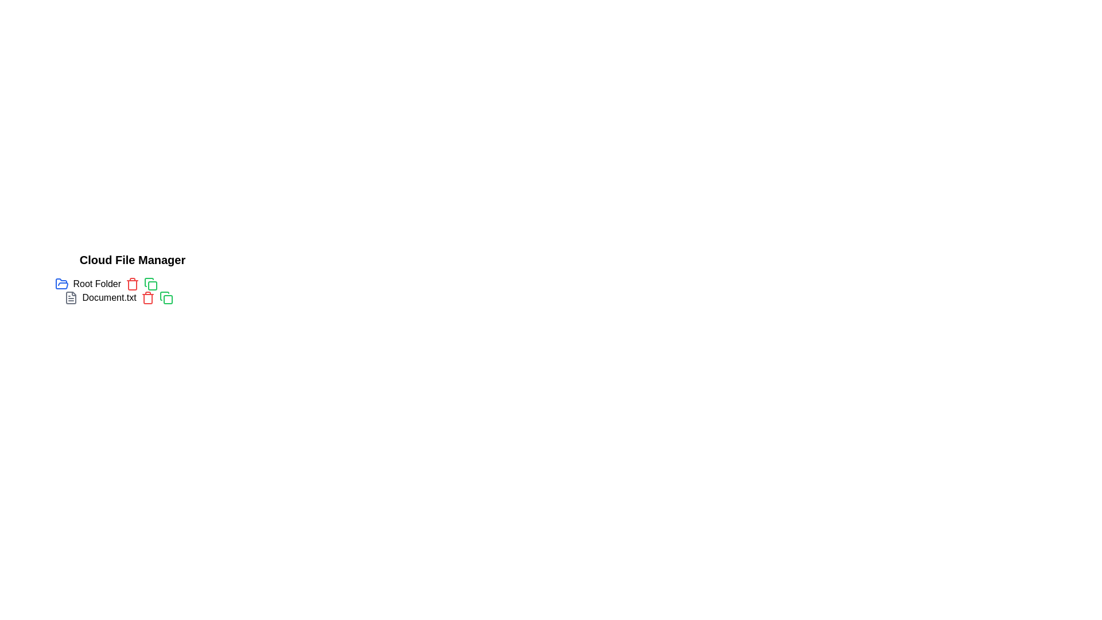  What do you see at coordinates (147, 297) in the screenshot?
I see `the delete icon button associated with the file 'Document.txt'` at bounding box center [147, 297].